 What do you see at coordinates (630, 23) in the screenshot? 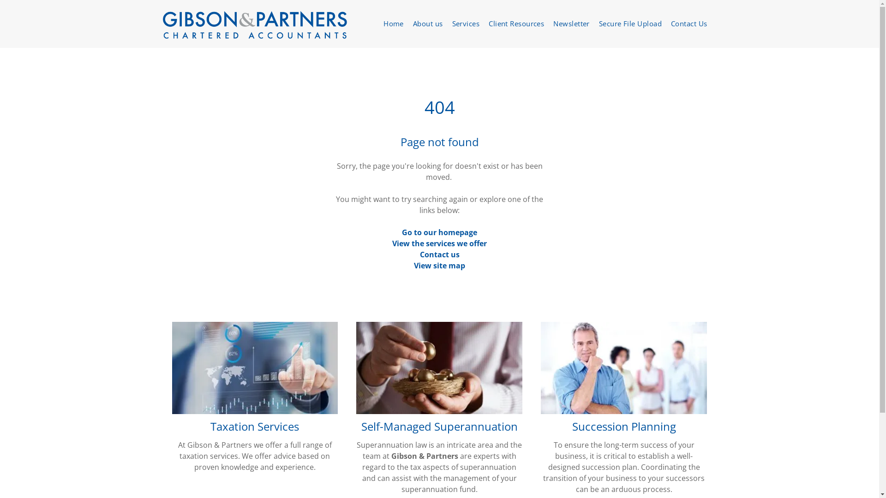
I see `'Secure File Upload'` at bounding box center [630, 23].